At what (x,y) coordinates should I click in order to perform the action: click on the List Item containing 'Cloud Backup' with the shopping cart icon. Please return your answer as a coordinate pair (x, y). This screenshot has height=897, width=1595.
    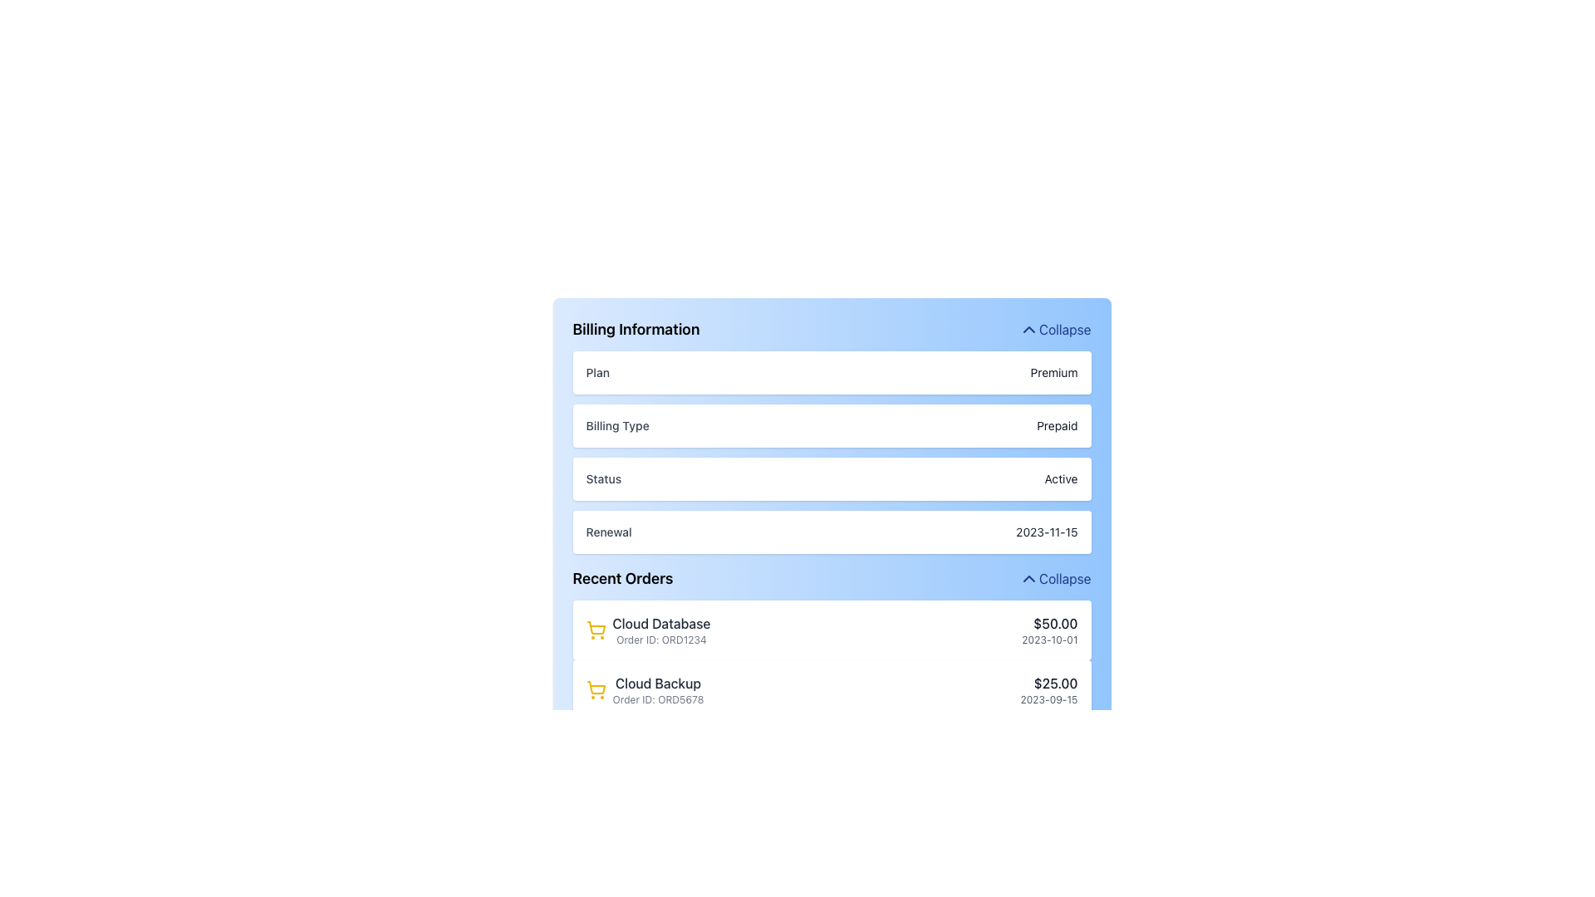
    Looking at the image, I should click on (832, 689).